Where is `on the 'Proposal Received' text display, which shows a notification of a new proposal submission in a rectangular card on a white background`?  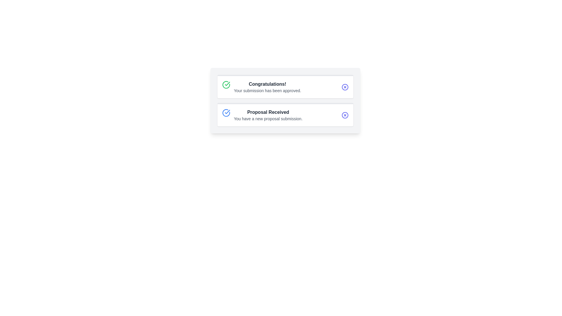 on the 'Proposal Received' text display, which shows a notification of a new proposal submission in a rectangular card on a white background is located at coordinates (268, 115).